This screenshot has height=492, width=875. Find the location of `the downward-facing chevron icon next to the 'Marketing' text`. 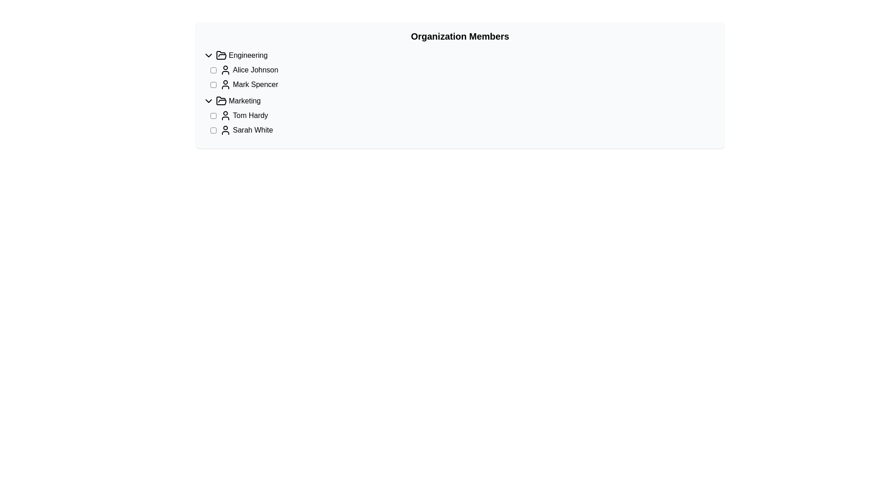

the downward-facing chevron icon next to the 'Marketing' text is located at coordinates (208, 101).